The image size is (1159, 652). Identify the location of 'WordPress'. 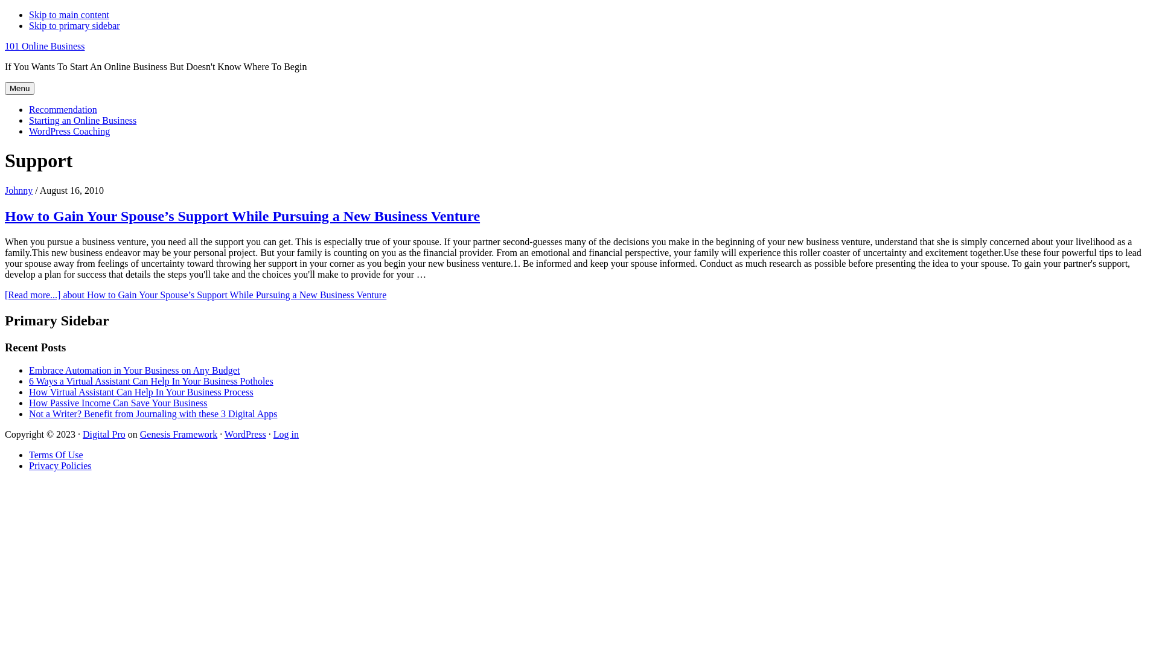
(244, 433).